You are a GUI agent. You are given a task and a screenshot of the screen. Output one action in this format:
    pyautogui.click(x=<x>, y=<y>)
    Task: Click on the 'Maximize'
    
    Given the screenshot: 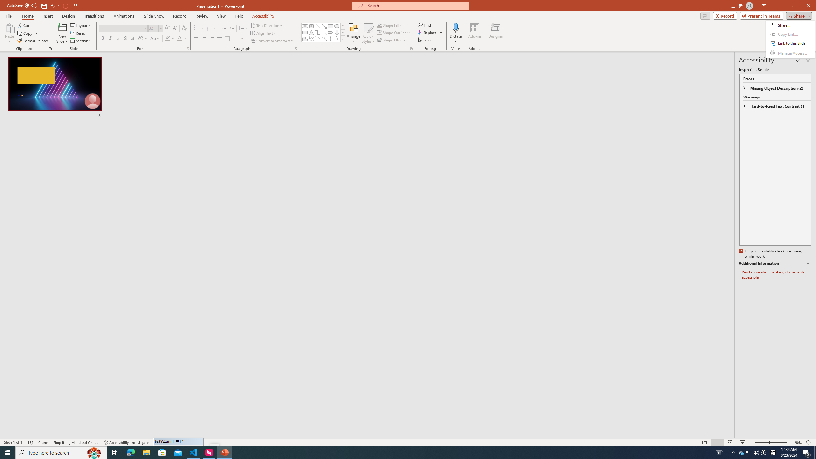 What is the action you would take?
    pyautogui.click(x=803, y=6)
    